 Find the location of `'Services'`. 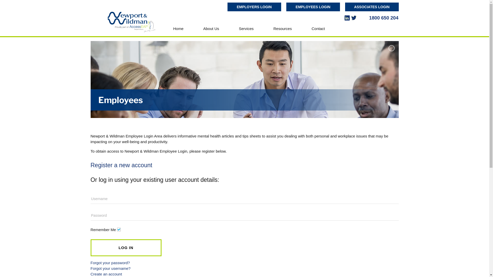

'Services' is located at coordinates (246, 28).